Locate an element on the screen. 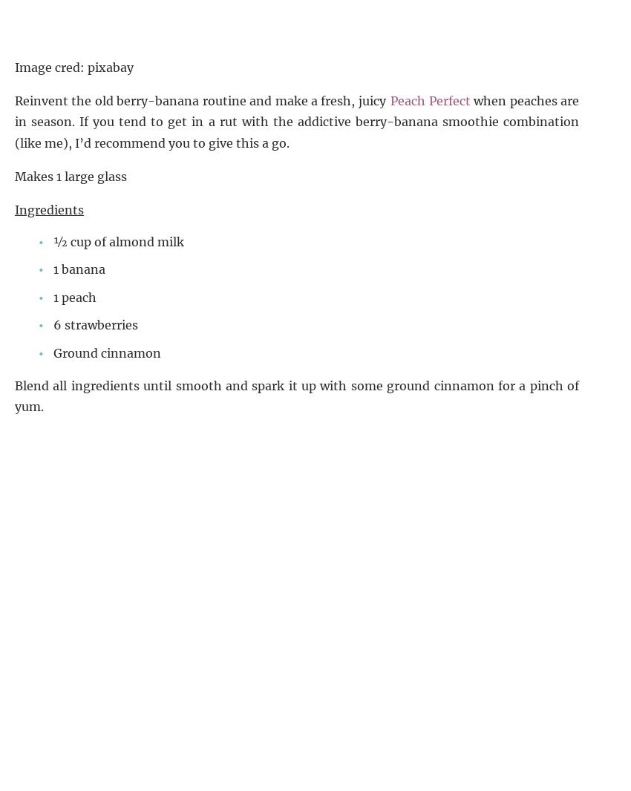 The width and height of the screenshot is (631, 791). 'Reinvent the old berry-banana routine and make a fresh, juicy' is located at coordinates (201, 99).